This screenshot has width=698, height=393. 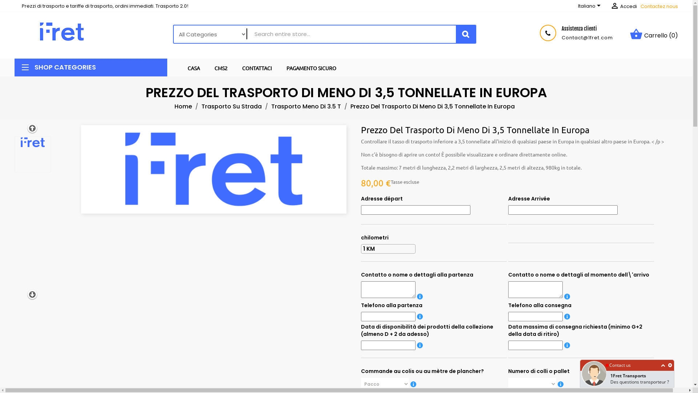 I want to click on 'CONTATTACI', so click(x=257, y=67).